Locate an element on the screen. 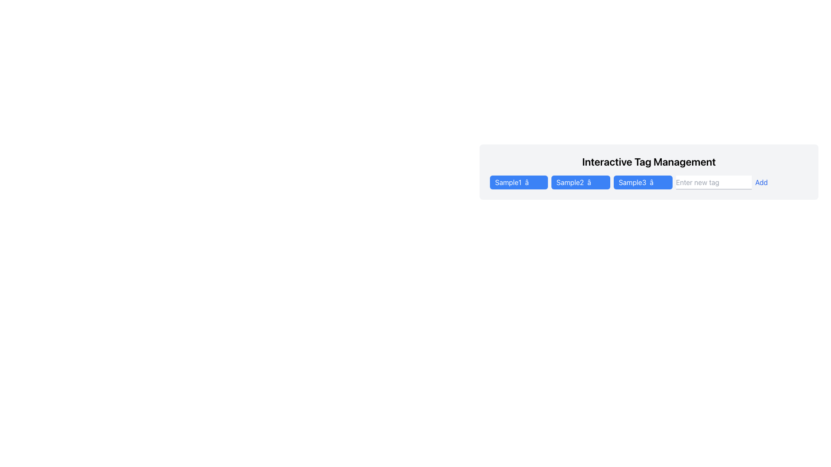 The image size is (831, 467). the input field with the placeholder text 'Enter new tag' is located at coordinates (714, 182).